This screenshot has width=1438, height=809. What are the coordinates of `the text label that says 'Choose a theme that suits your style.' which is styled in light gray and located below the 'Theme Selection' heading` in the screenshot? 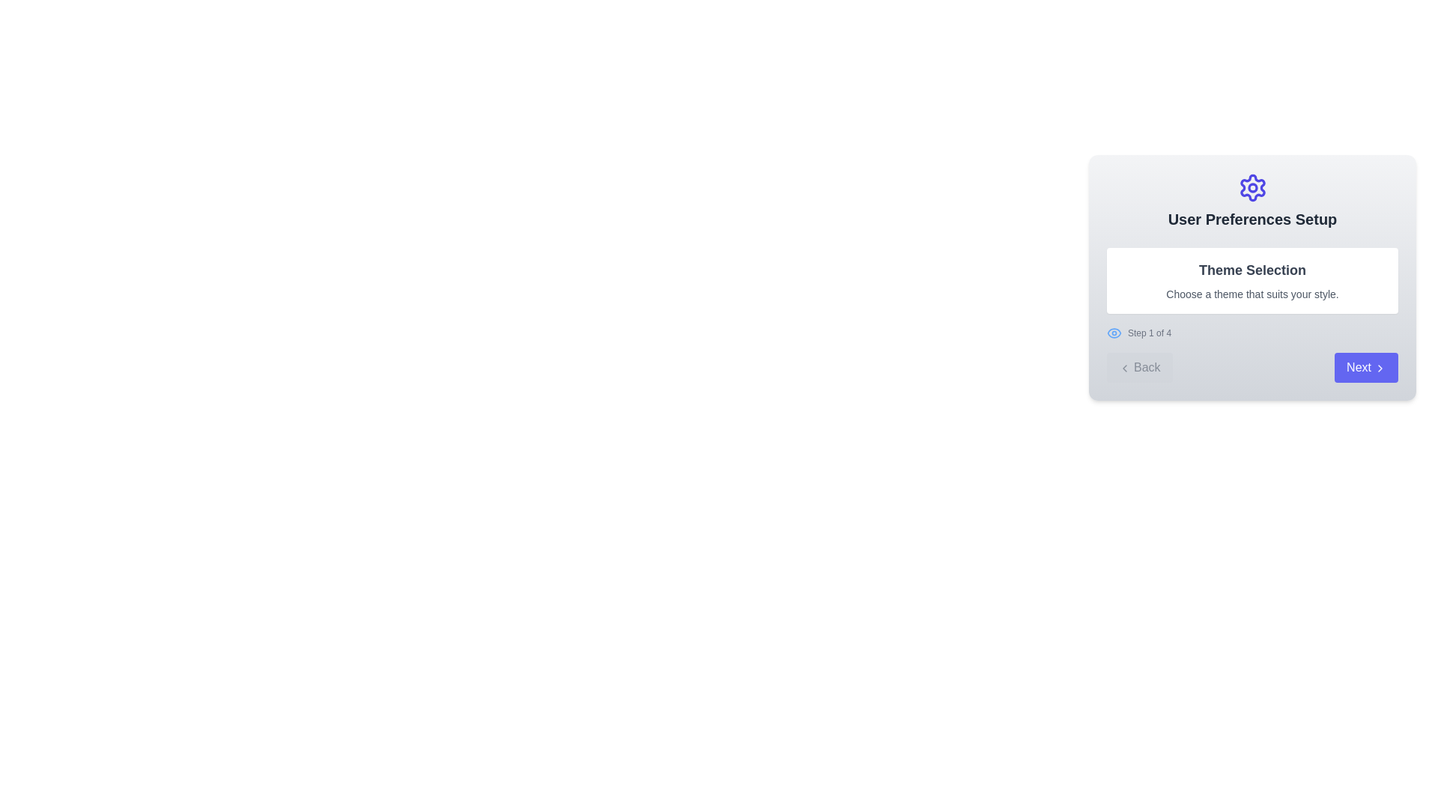 It's located at (1252, 294).